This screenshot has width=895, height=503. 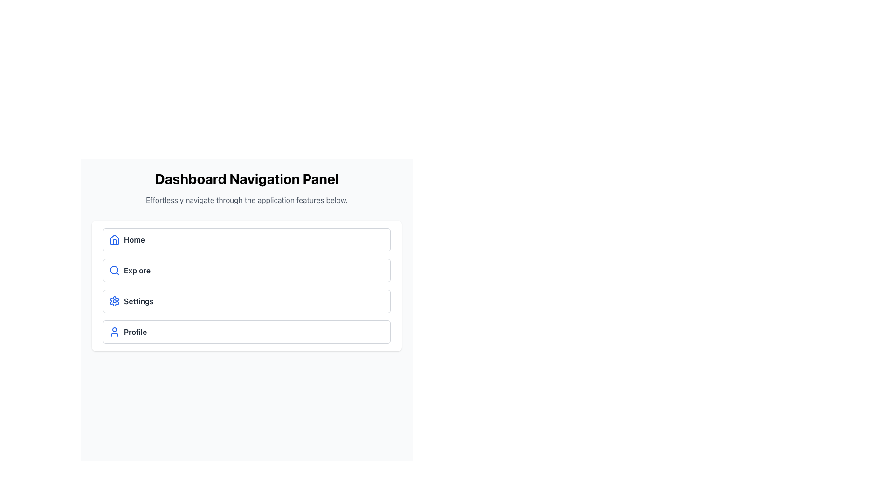 I want to click on the settings button, which is the third button in a vertical list of navigation buttons, positioned below the 'Home' and 'Explore' buttons and above the 'Profile' button, so click(x=247, y=301).